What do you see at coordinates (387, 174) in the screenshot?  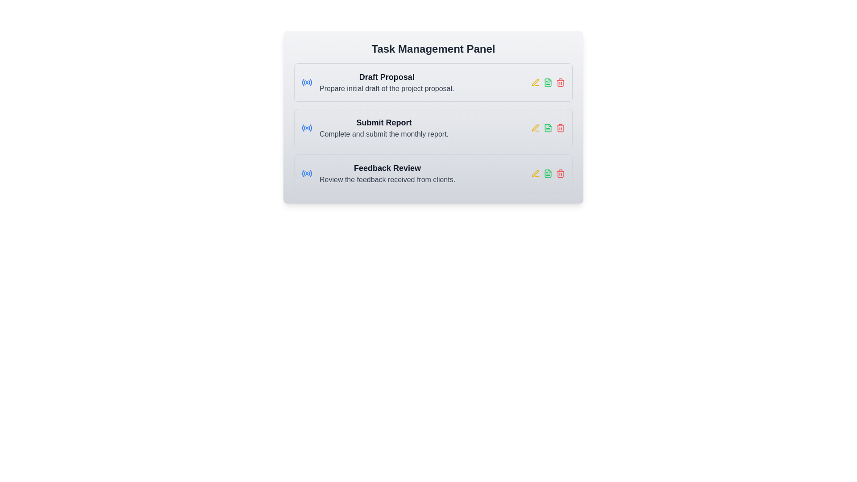 I see `the 'Feedback Review' text label located in the 'Task Management Panel' section, which is the last item in the list of tasks` at bounding box center [387, 174].